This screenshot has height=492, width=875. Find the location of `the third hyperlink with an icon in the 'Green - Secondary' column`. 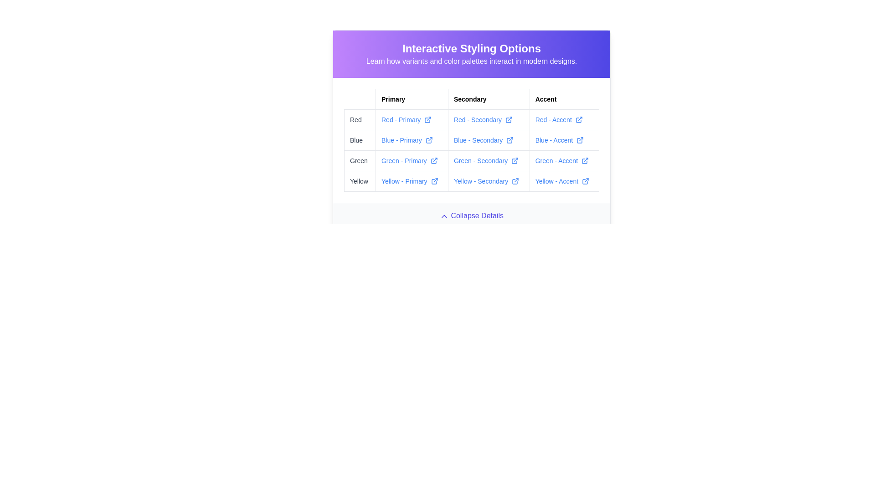

the third hyperlink with an icon in the 'Green - Secondary' column is located at coordinates (488, 160).